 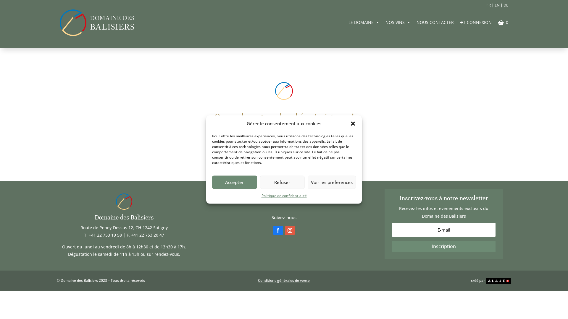 What do you see at coordinates (505, 5) in the screenshot?
I see `'DE'` at bounding box center [505, 5].